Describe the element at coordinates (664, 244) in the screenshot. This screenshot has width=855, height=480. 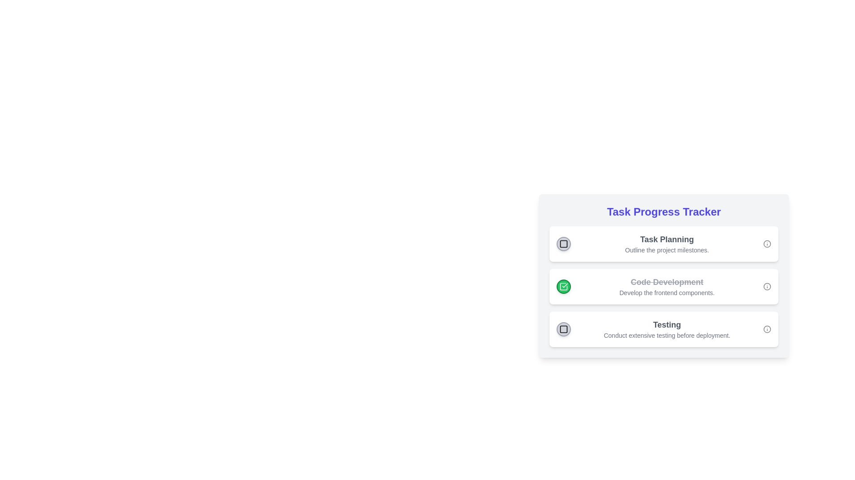
I see `the info icon of the first task item in the progress tracker list` at that location.